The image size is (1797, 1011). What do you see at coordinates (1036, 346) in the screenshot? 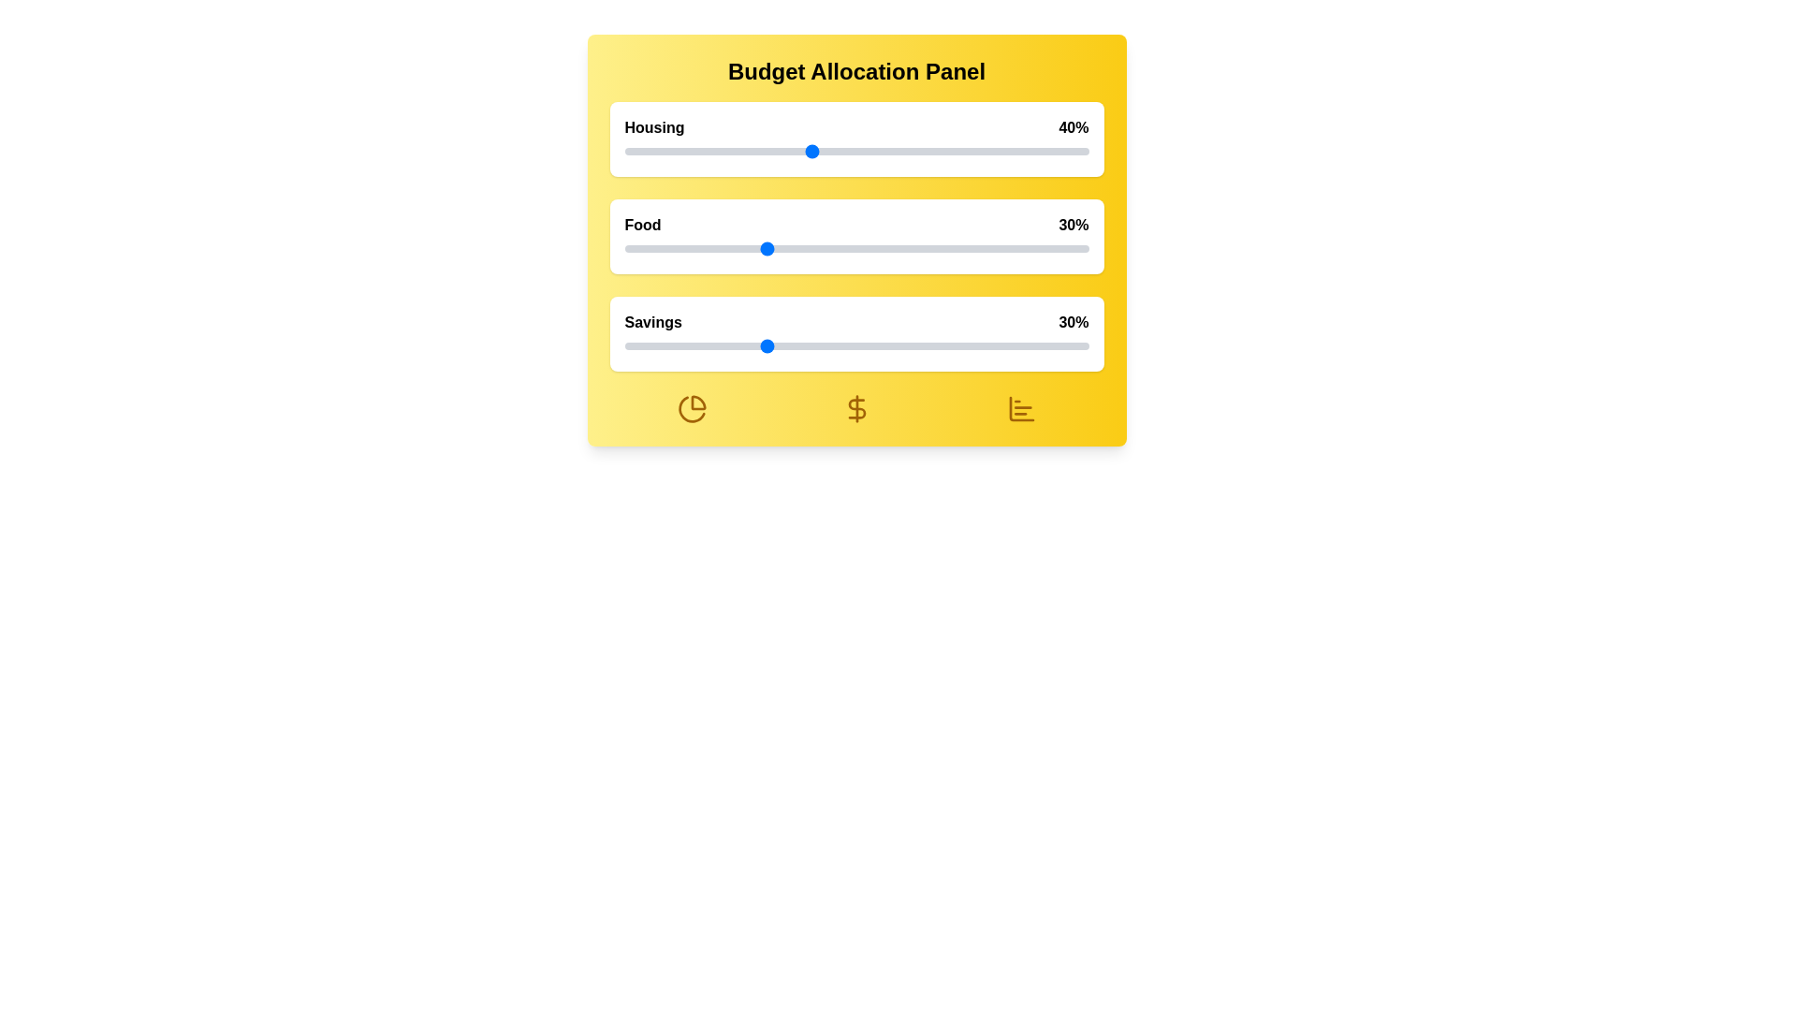
I see `the savings percentage` at bounding box center [1036, 346].